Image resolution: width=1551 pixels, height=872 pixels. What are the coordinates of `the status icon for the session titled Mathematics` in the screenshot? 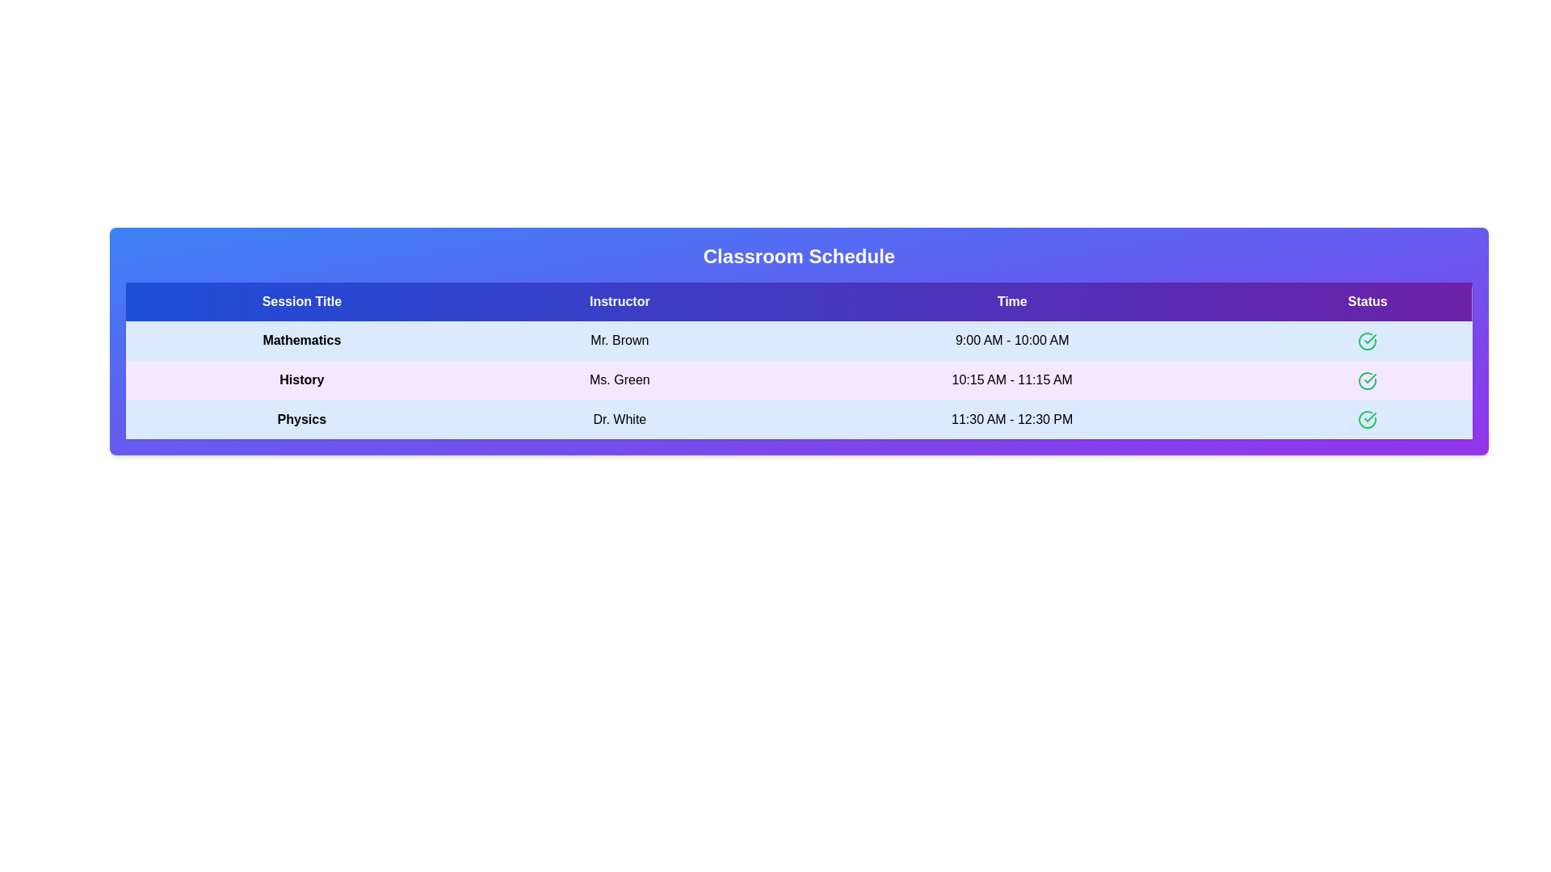 It's located at (1367, 340).